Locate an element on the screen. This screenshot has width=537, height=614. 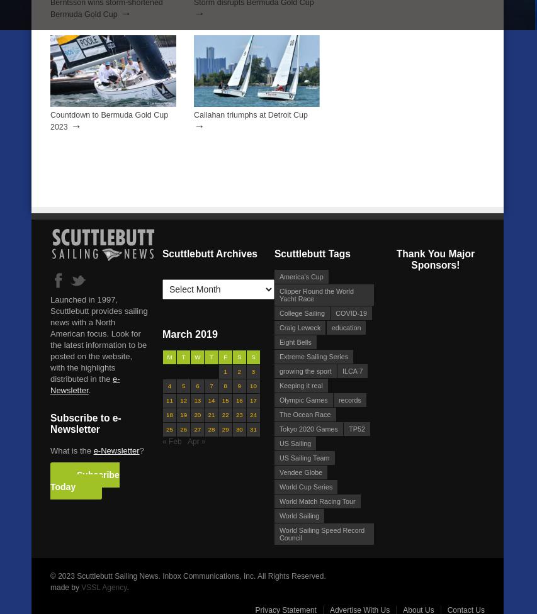
'« Feb' is located at coordinates (171, 440).